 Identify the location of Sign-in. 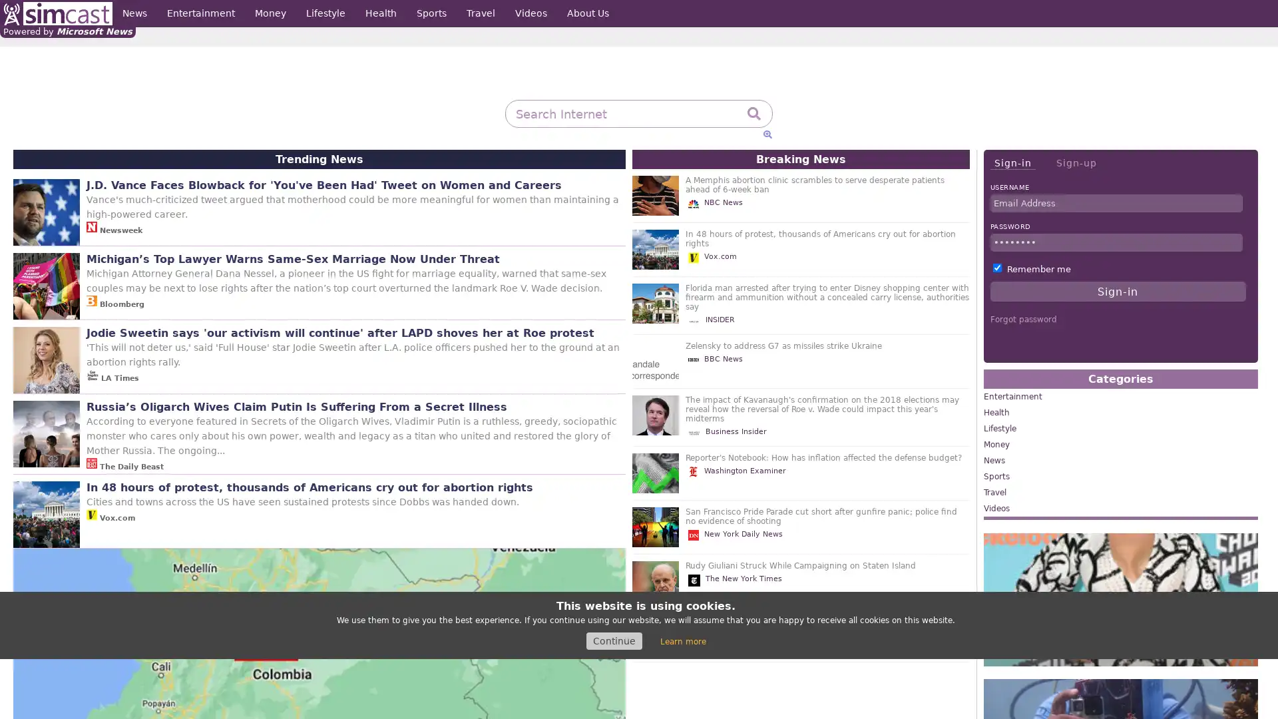
(1012, 162).